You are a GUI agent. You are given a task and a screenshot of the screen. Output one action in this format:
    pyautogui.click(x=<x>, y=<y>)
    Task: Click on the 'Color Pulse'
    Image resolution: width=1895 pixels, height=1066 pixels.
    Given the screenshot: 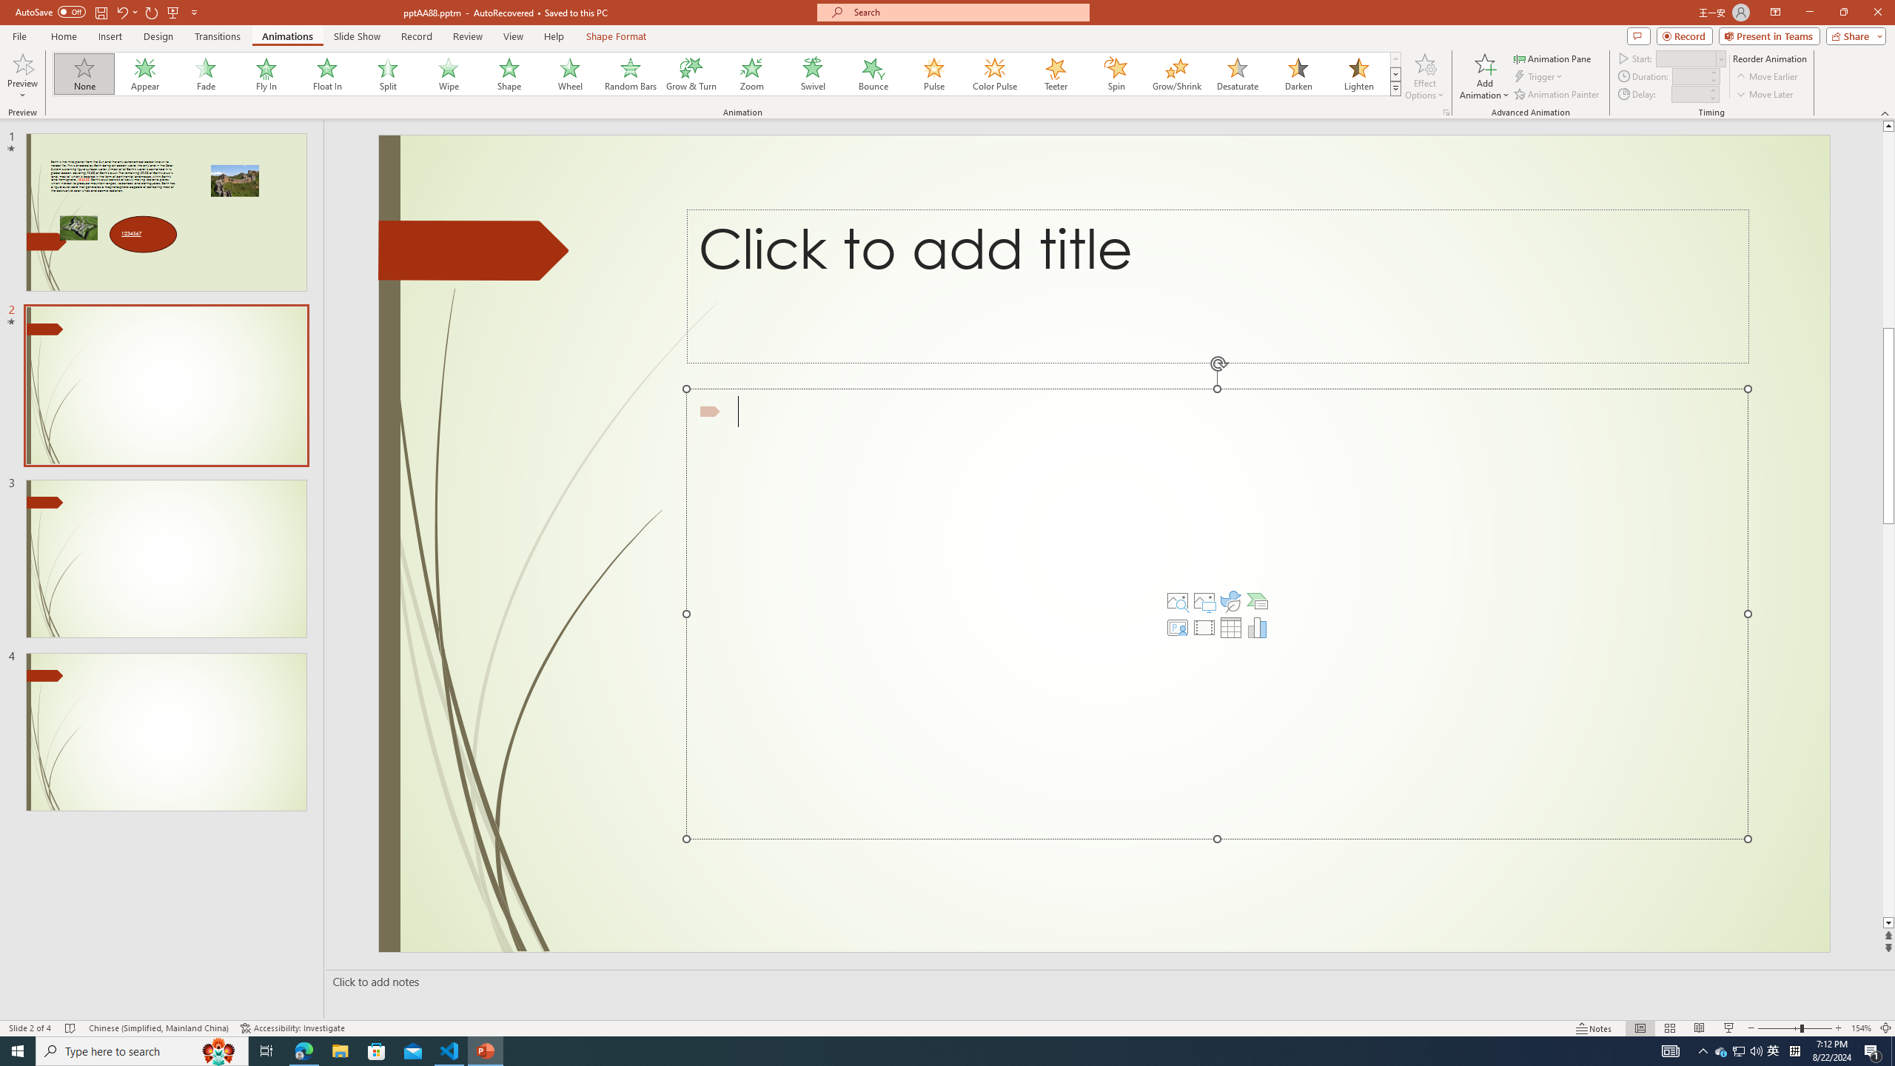 What is the action you would take?
    pyautogui.click(x=995, y=73)
    